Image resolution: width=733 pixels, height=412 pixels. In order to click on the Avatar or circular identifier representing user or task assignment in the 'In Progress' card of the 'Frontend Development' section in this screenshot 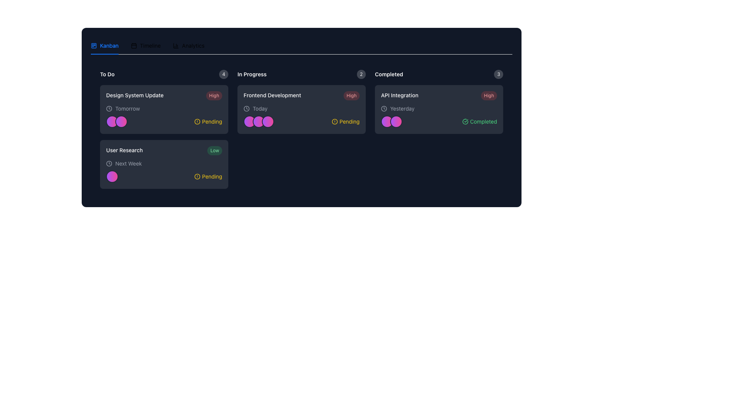, I will do `click(258, 121)`.